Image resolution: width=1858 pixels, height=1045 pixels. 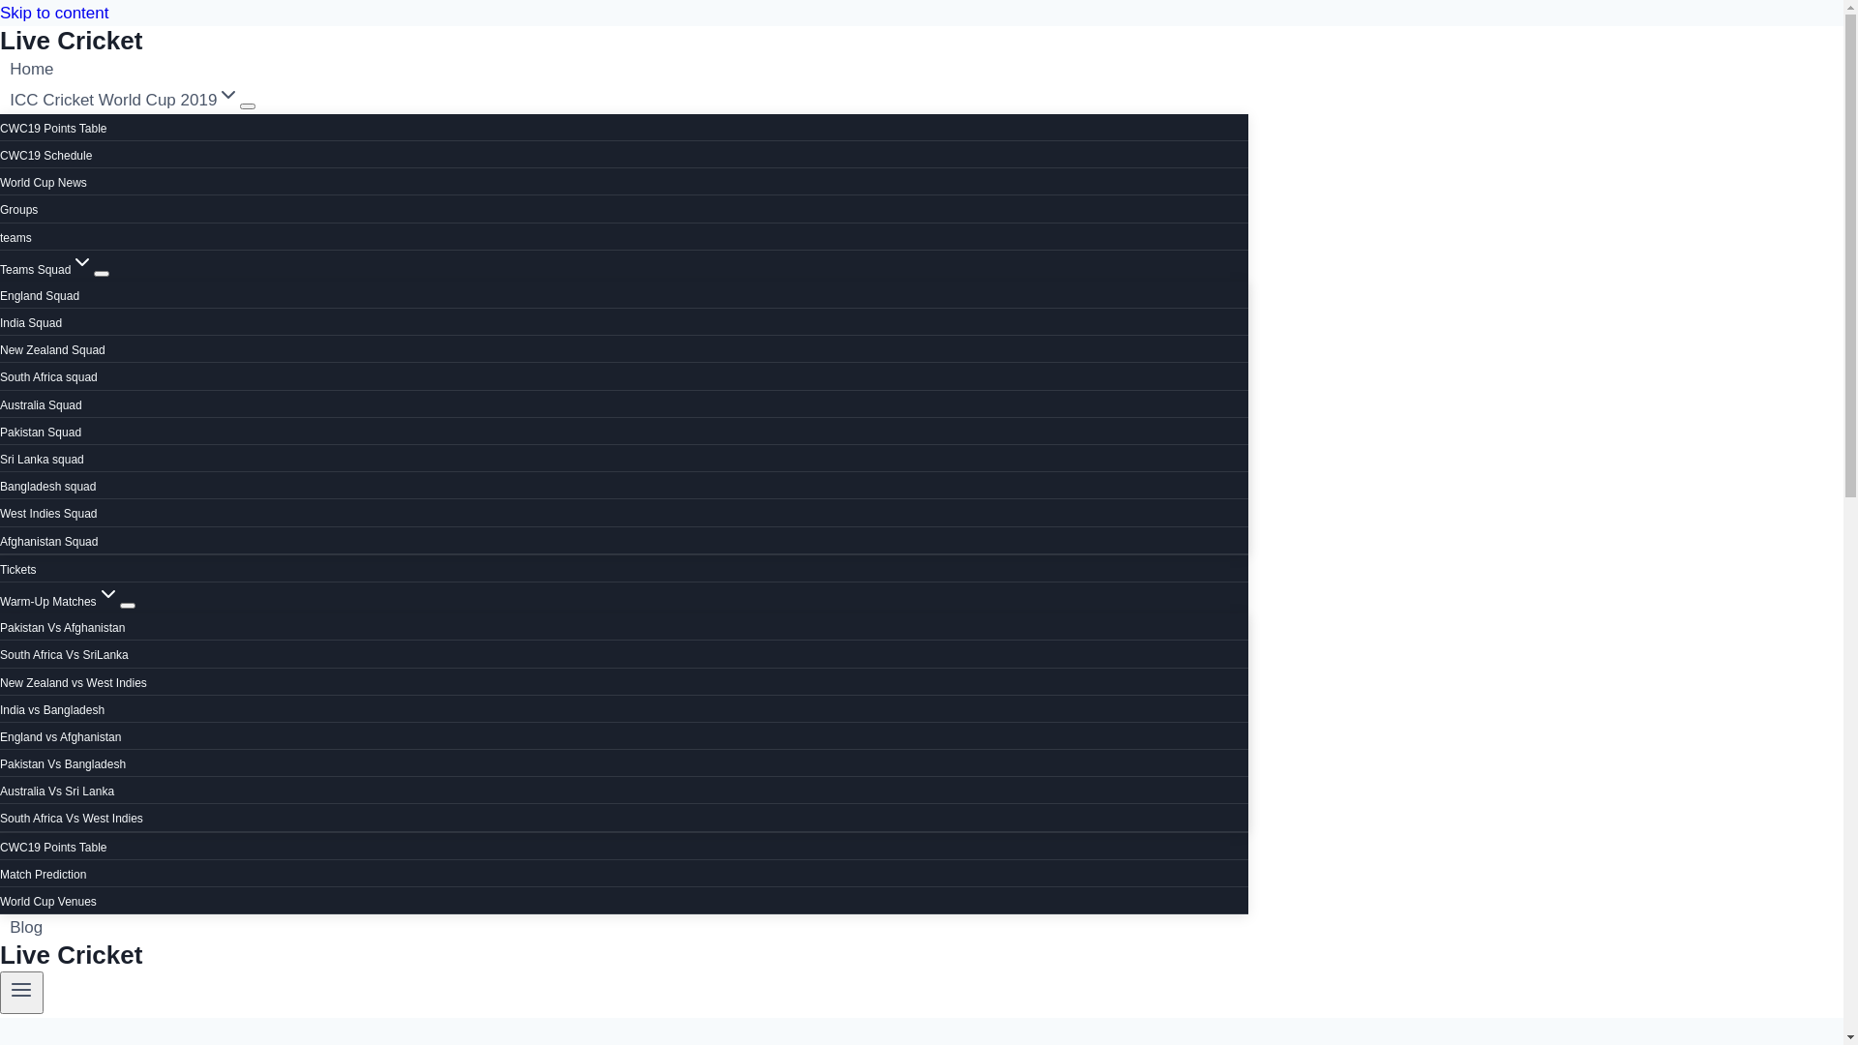 I want to click on 'Bangladesh squad', so click(x=47, y=485).